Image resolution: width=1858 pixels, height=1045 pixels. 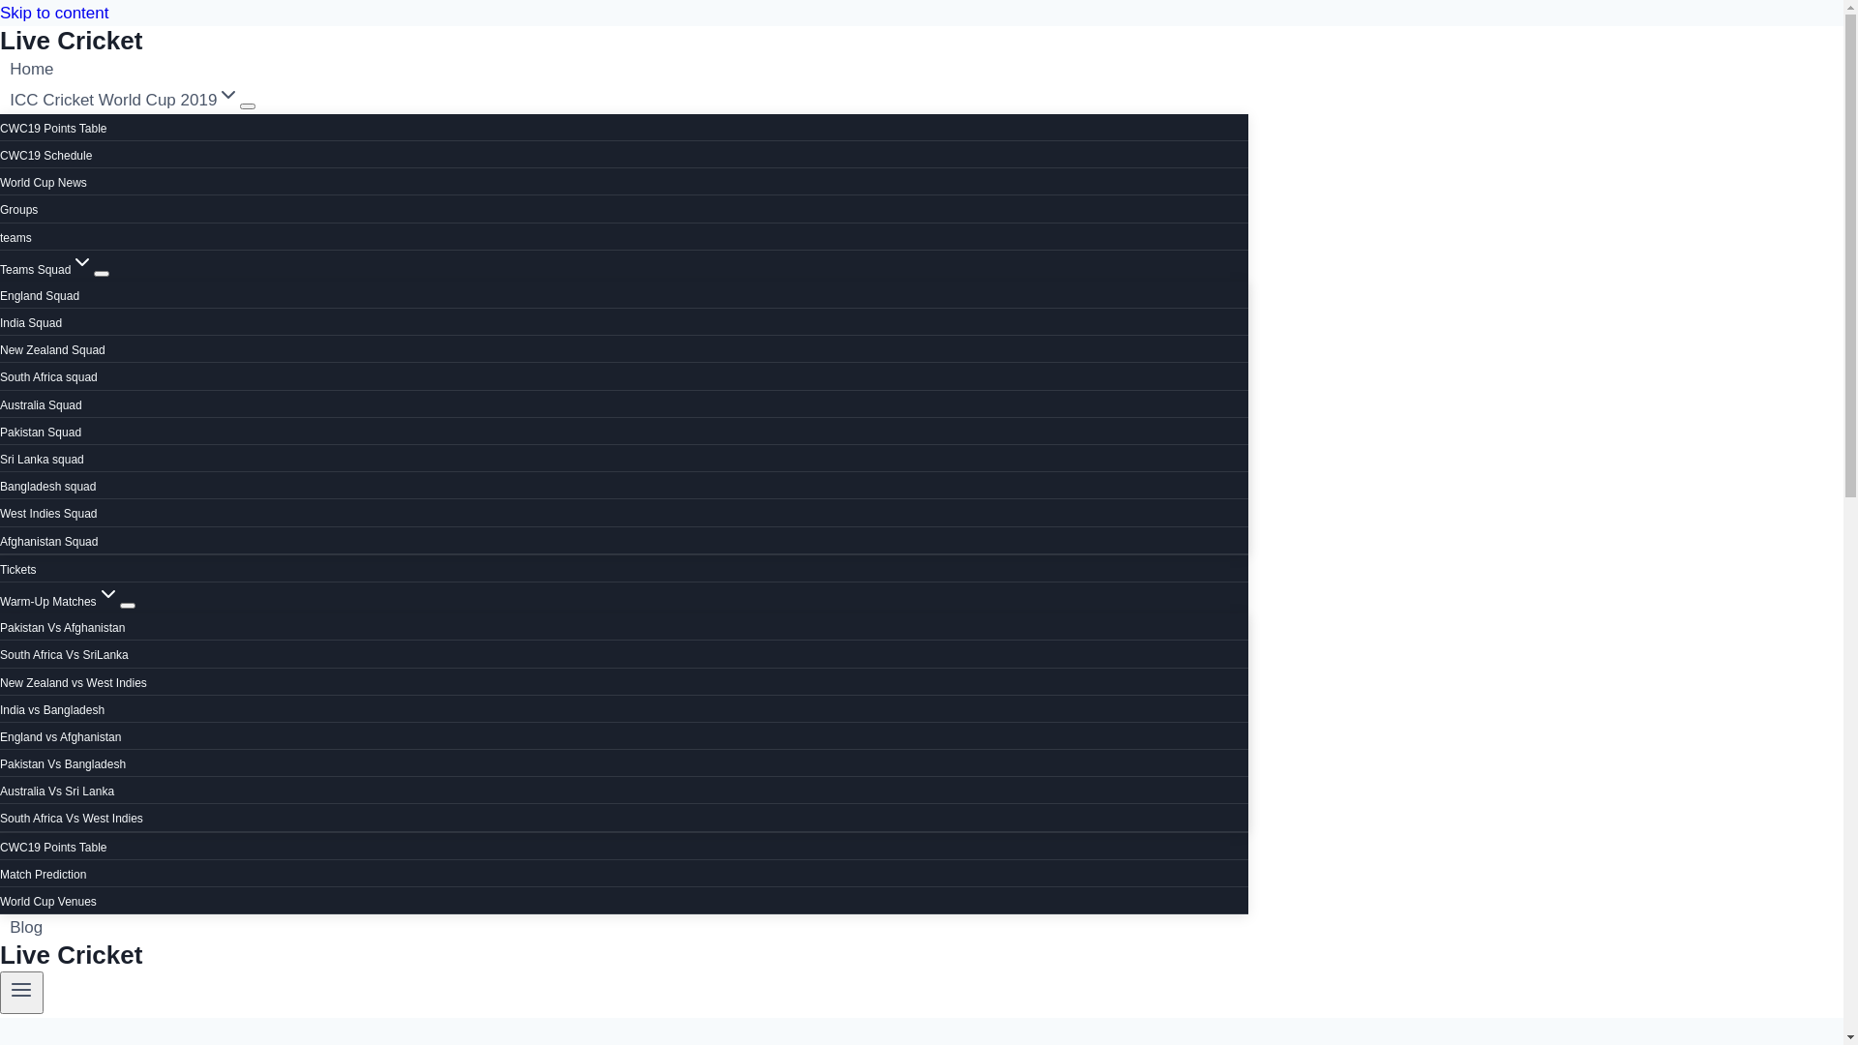 I want to click on 'Bangladesh squad', so click(x=47, y=485).